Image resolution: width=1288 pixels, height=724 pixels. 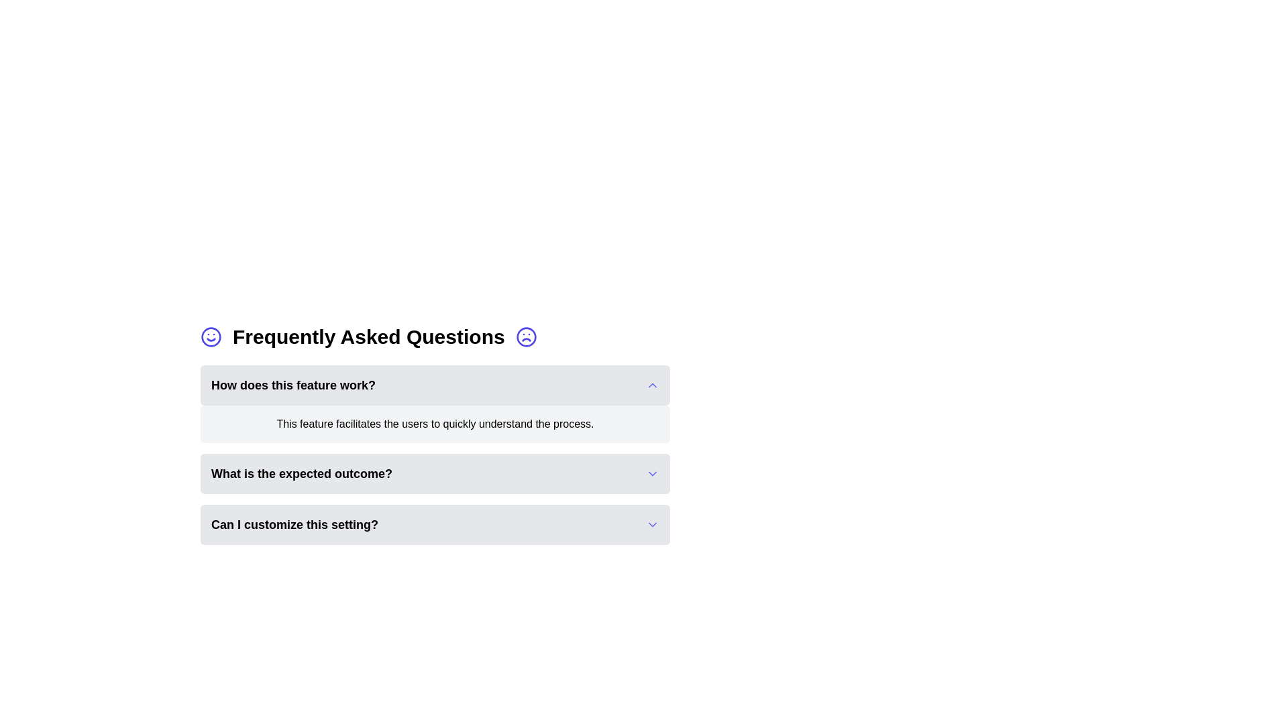 What do you see at coordinates (294, 524) in the screenshot?
I see `the text label that reads 'Can I customize this setting?', which is styled in bold and located within a light gray-rounded rectangle, positioned below the FAQ section titled 'What is the expected outcome.'` at bounding box center [294, 524].